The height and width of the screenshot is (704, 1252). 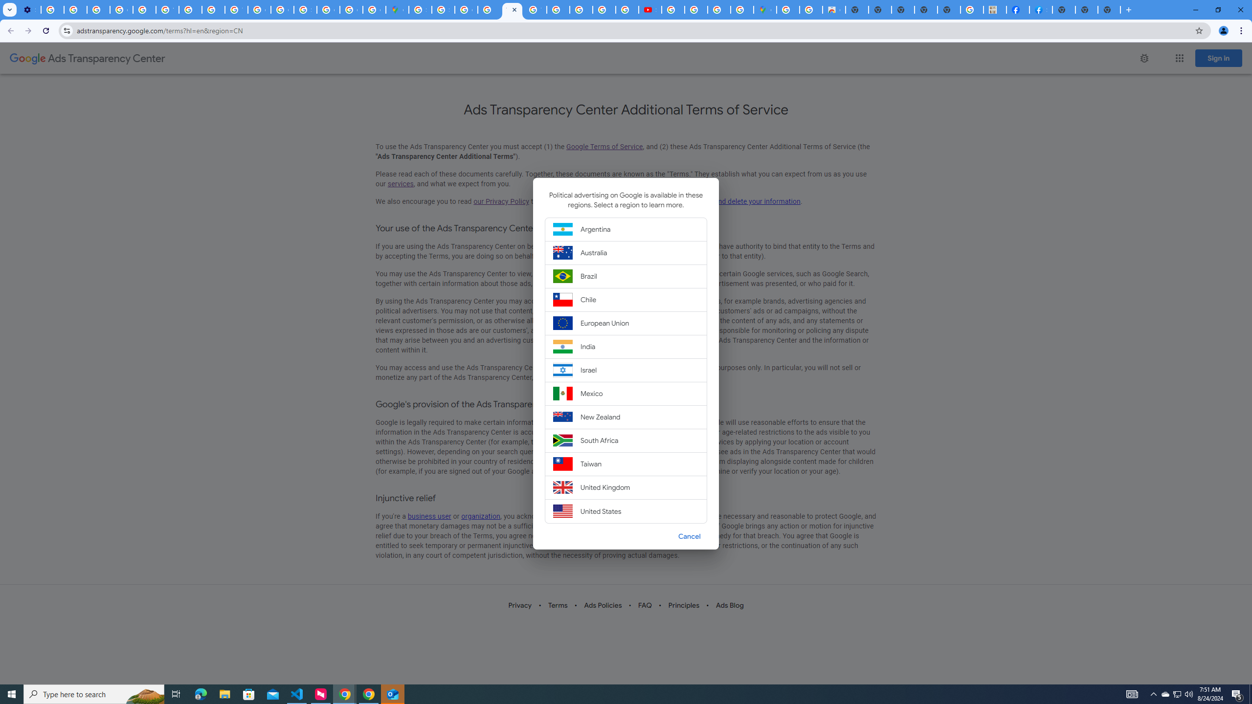 I want to click on 'Google Maps', so click(x=397, y=9).